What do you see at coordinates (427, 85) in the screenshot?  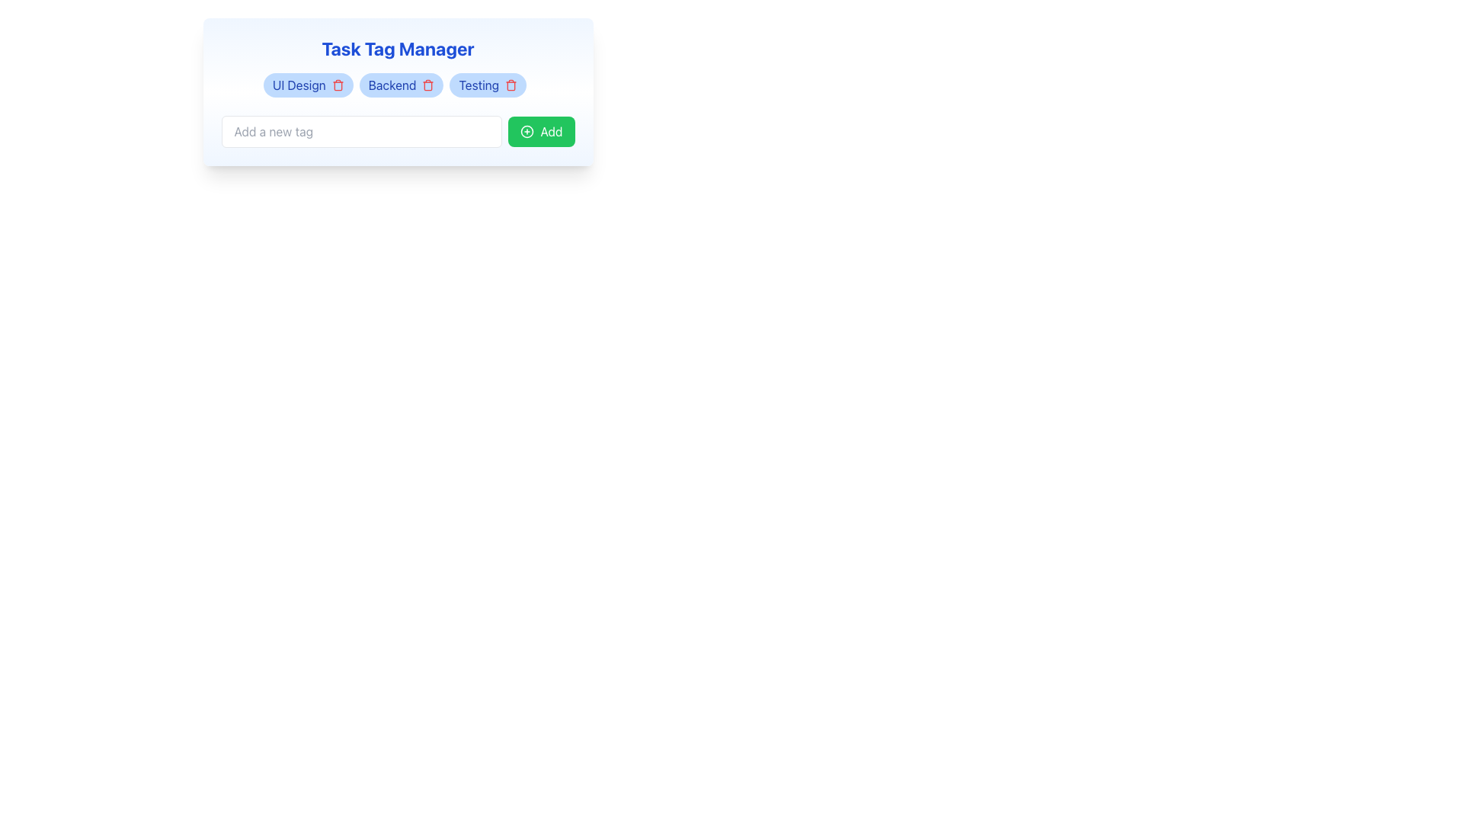 I see `the small red trash bin icon located to the right of the text 'Backend'` at bounding box center [427, 85].